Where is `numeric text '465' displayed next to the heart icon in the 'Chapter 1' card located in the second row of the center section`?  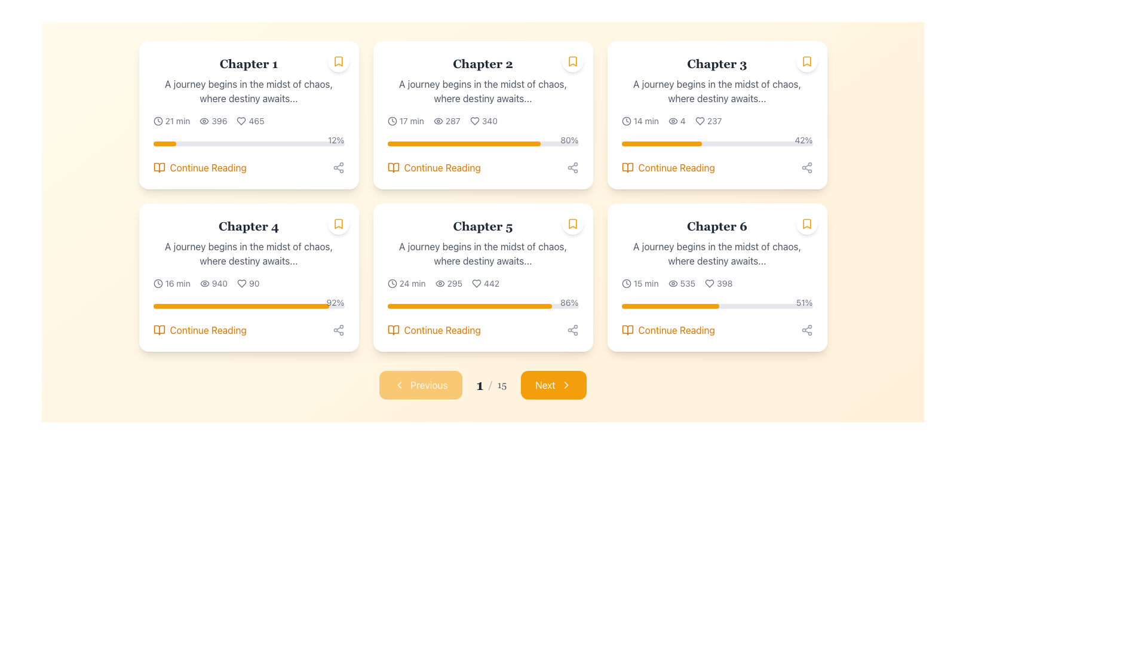
numeric text '465' displayed next to the heart icon in the 'Chapter 1' card located in the second row of the center section is located at coordinates (256, 121).